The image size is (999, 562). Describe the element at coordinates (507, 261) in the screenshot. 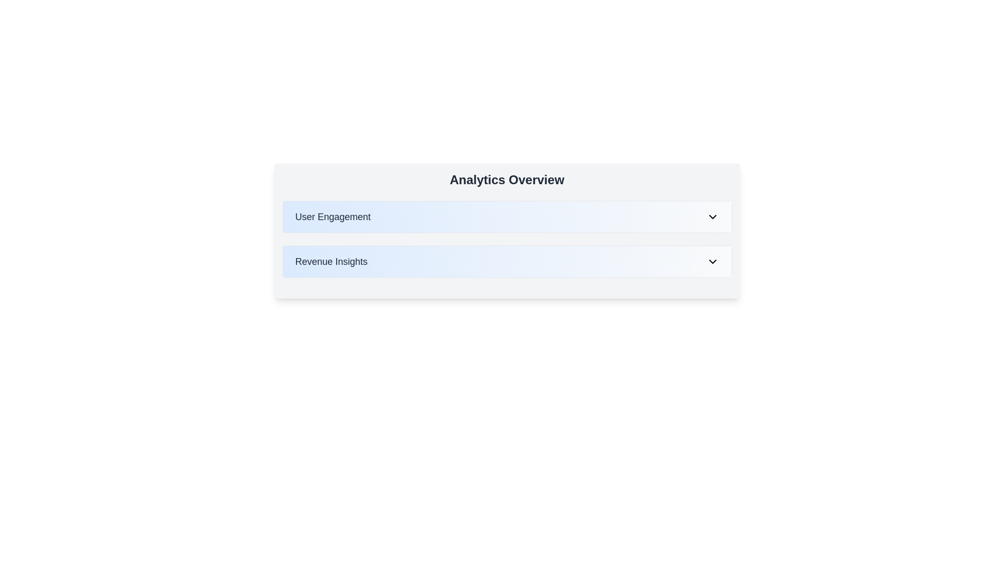

I see `the 'Revenue Insights' dropdown toggle button in the Analytics Overview section` at that location.